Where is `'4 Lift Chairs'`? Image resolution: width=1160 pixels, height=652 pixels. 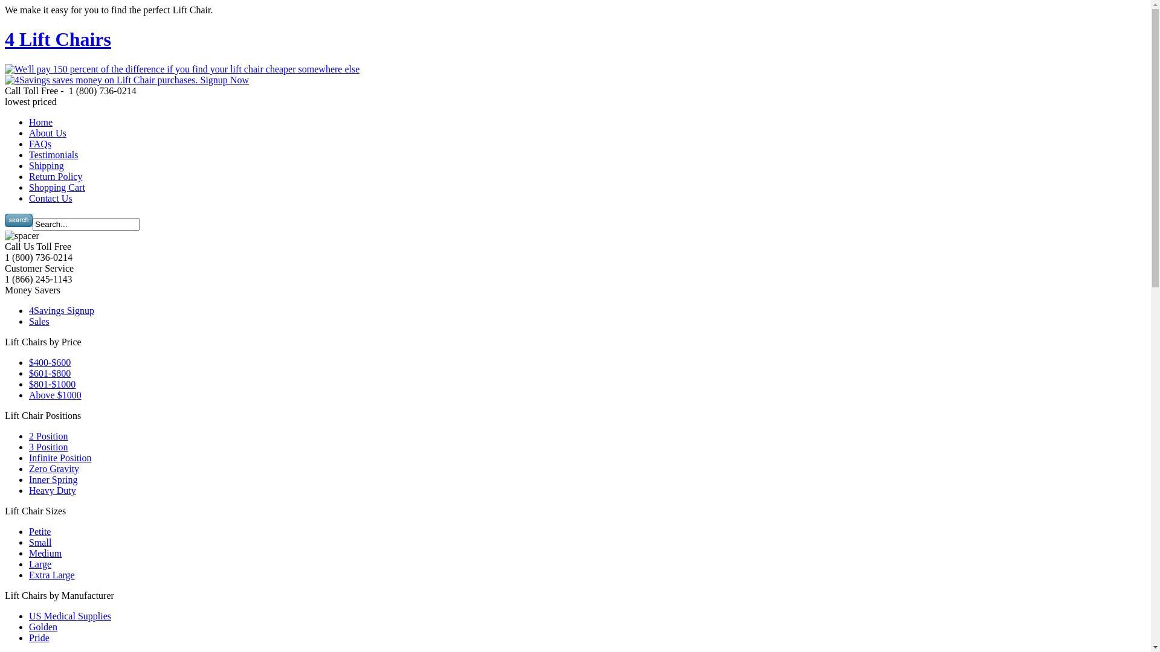 '4 Lift Chairs' is located at coordinates (57, 39).